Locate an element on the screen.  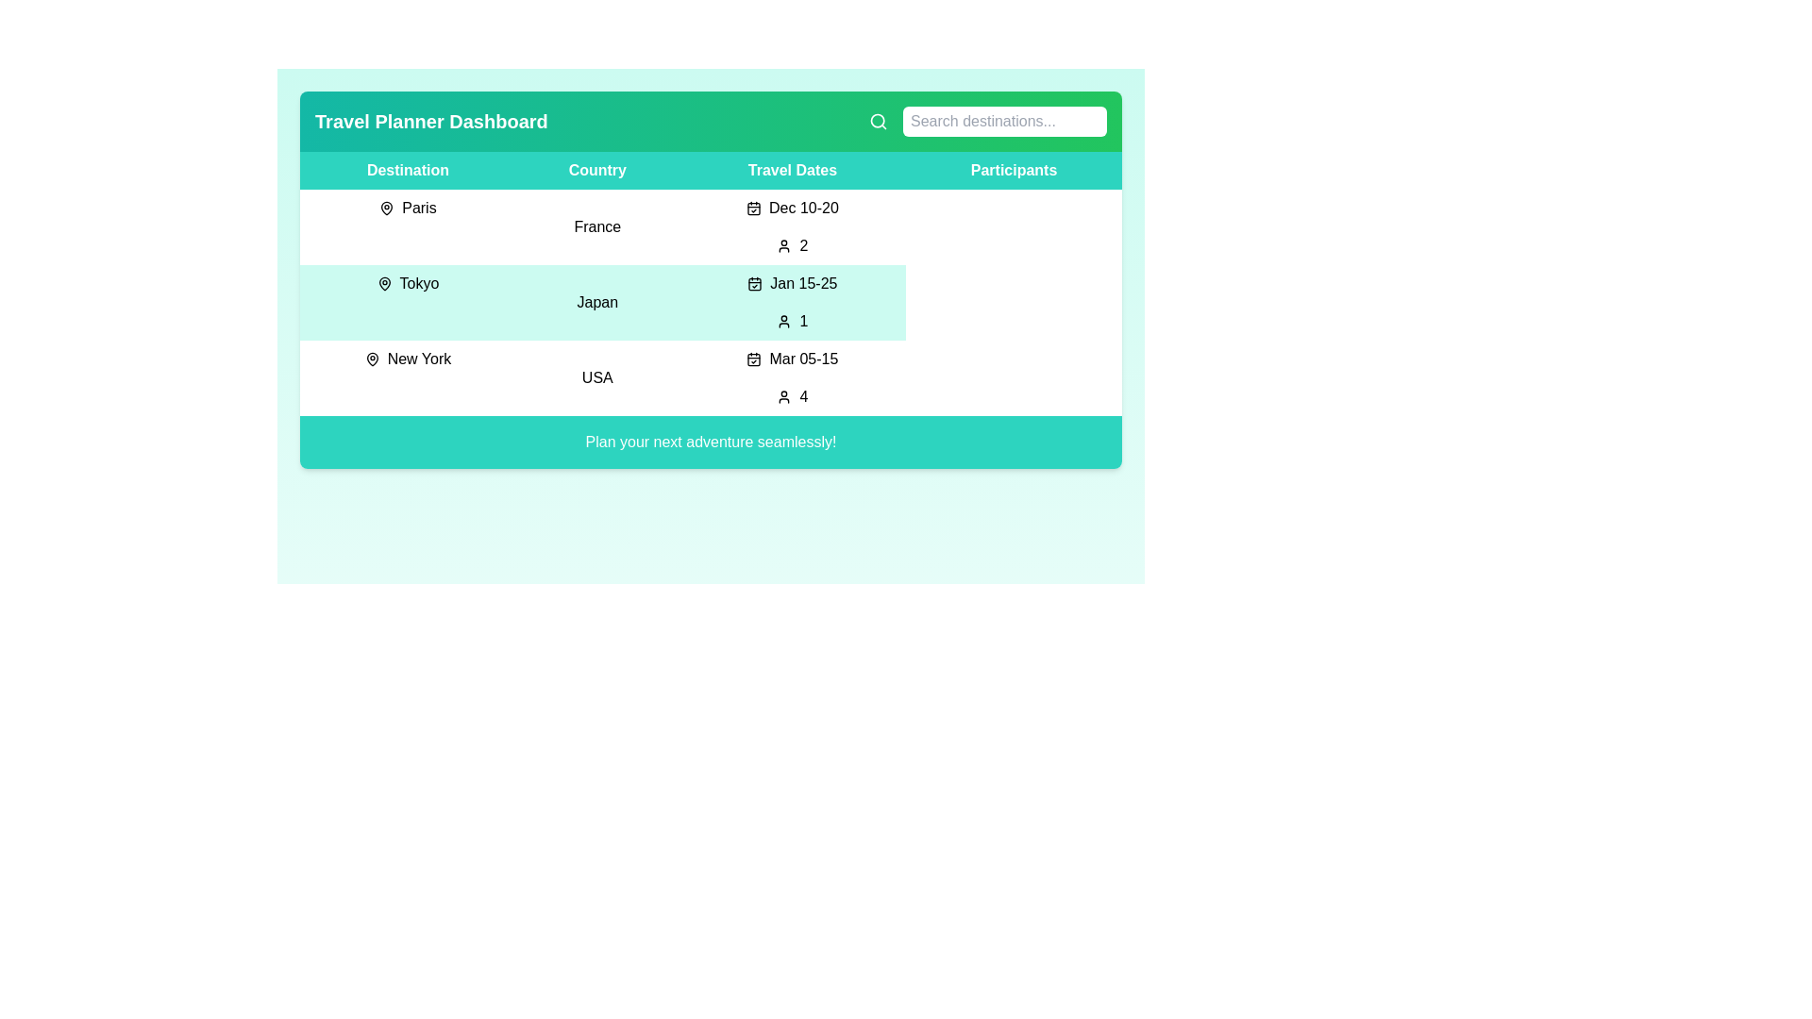
the confirmation check mark icon within the 'Travel Dates' column for 'Tokyo, Japan', which is a rectangular shape with rounded corners inside the calendar icon is located at coordinates (755, 284).